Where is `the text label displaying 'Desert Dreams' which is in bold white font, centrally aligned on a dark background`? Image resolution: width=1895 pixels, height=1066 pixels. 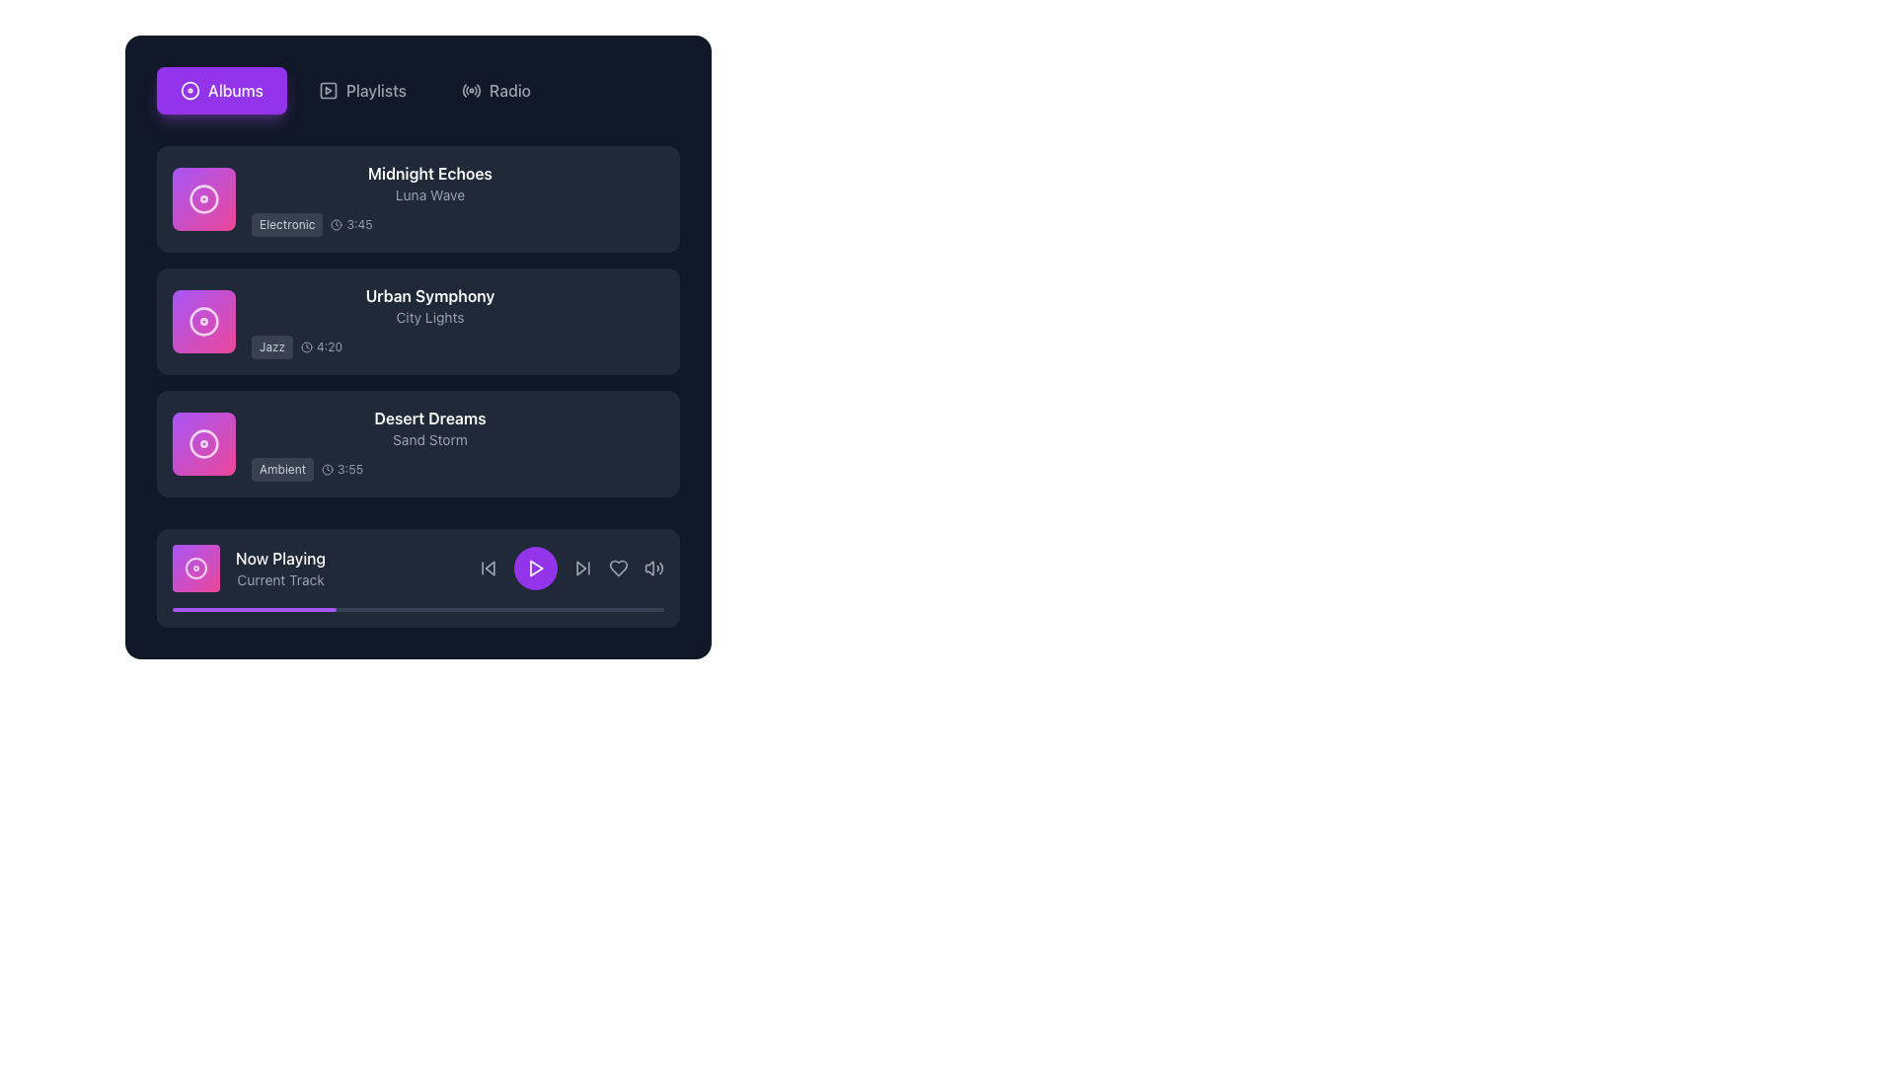
the text label displaying 'Desert Dreams' which is in bold white font, centrally aligned on a dark background is located at coordinates (429, 418).